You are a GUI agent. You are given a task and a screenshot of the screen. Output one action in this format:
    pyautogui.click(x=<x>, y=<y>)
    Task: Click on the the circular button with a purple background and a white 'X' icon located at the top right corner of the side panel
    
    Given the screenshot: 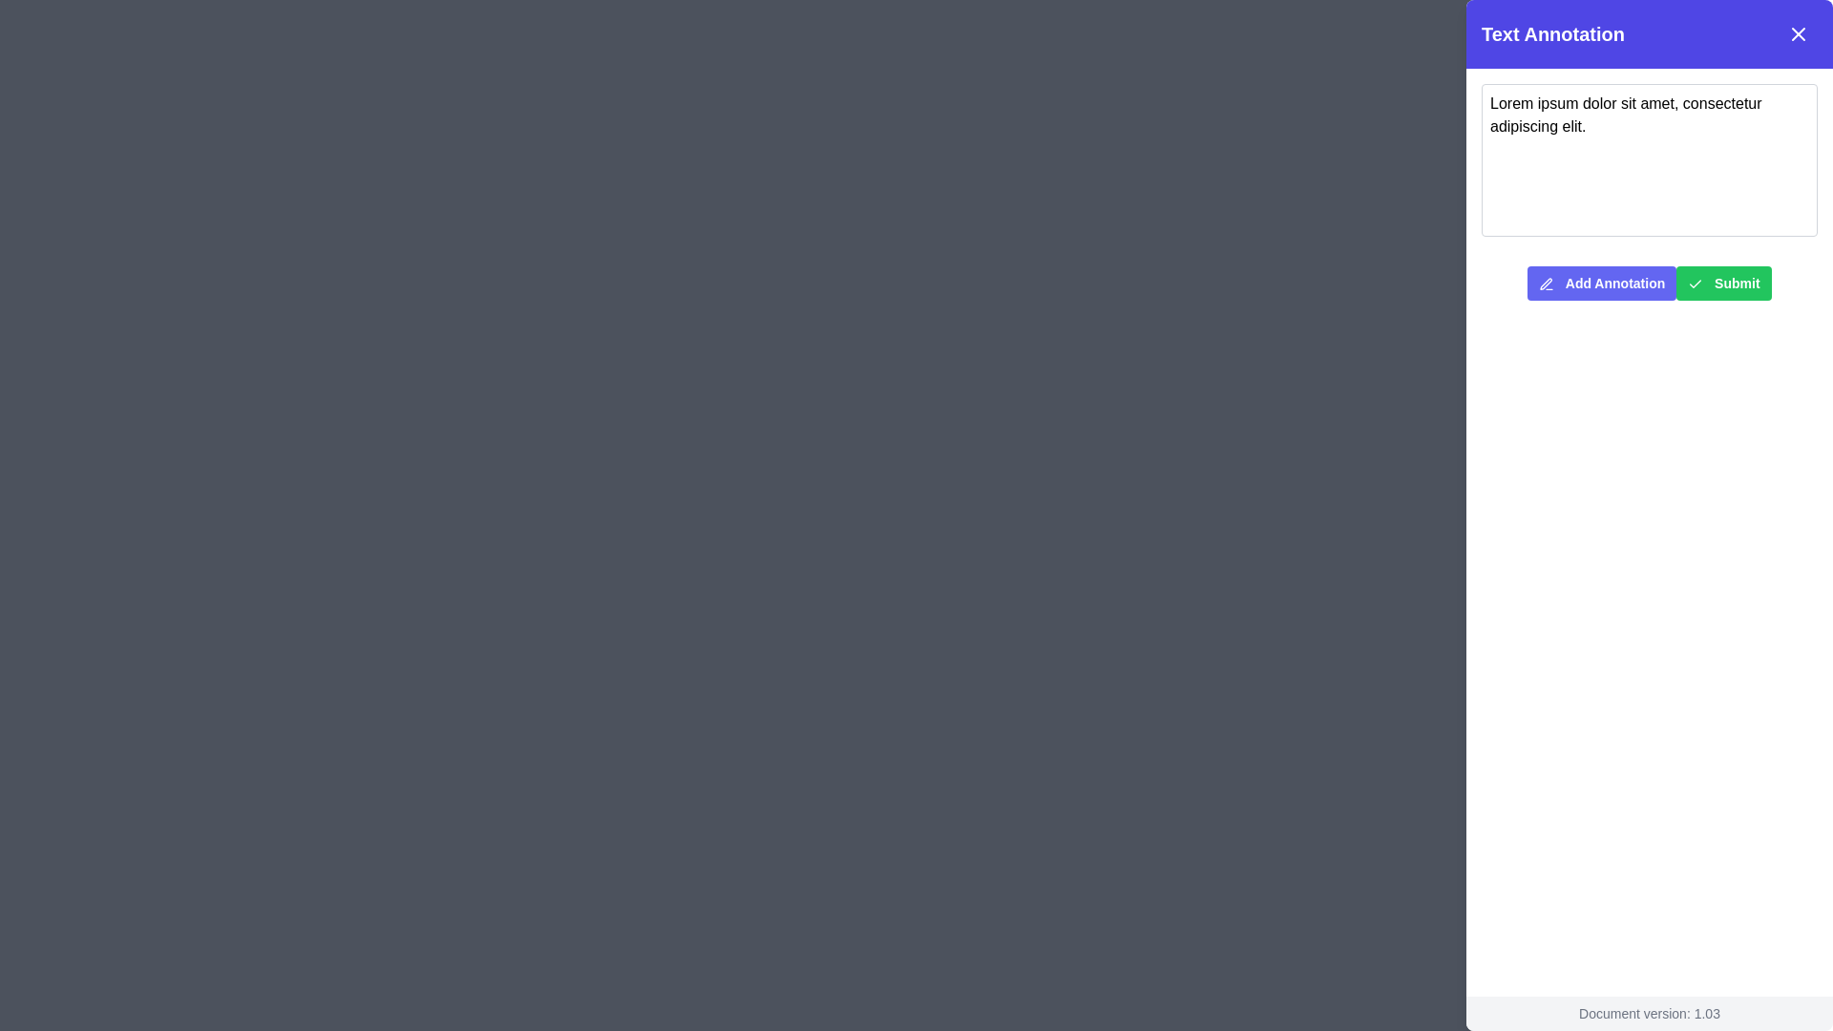 What is the action you would take?
    pyautogui.click(x=1795, y=36)
    